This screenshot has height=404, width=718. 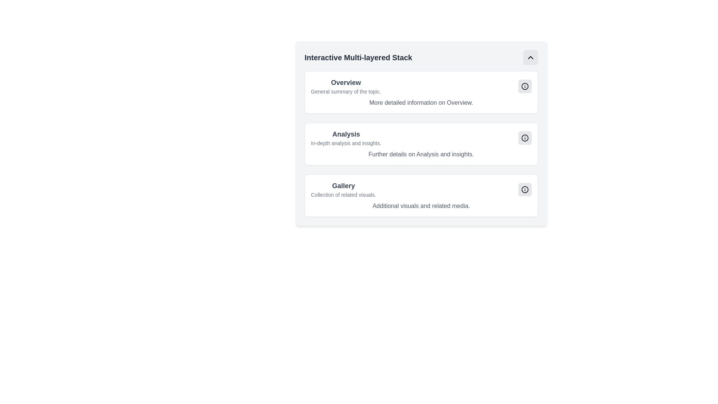 What do you see at coordinates (421, 133) in the screenshot?
I see `the non-interactive content area labeled 'Analysis' which is located in the middle subsection of the 'Interactive Multi-layered Stack' panel` at bounding box center [421, 133].